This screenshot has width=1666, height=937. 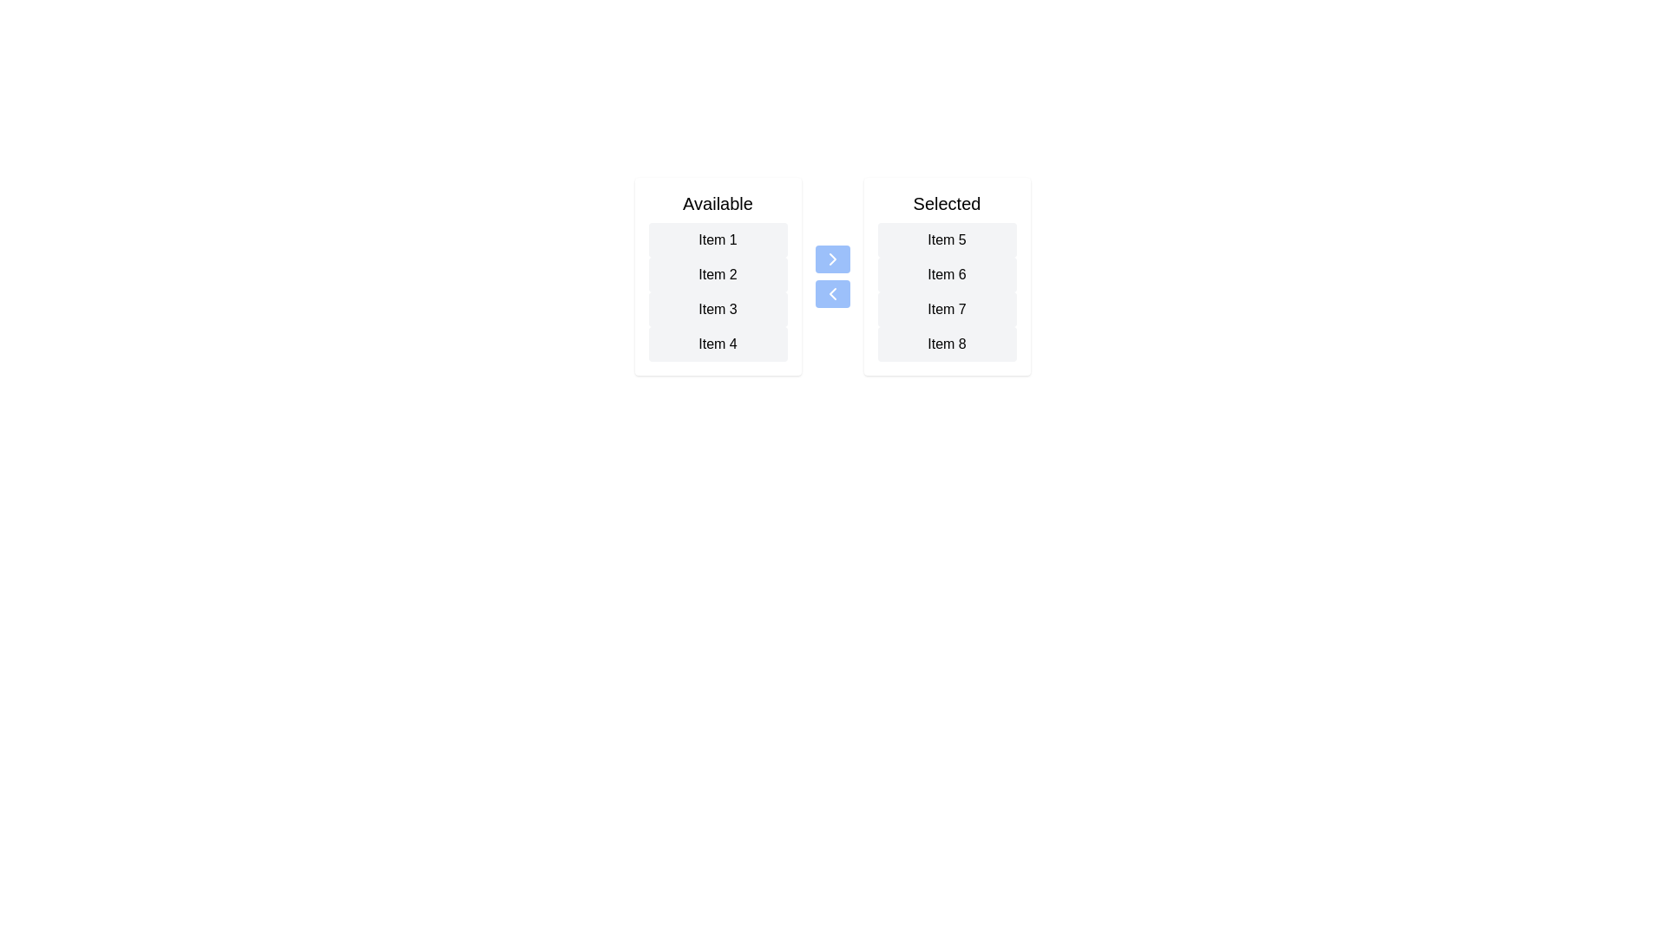 I want to click on the blue button with a white left-pointing arrow located centrally between the 'Available' and 'Selected' lists to observe the hover effect, so click(x=831, y=293).